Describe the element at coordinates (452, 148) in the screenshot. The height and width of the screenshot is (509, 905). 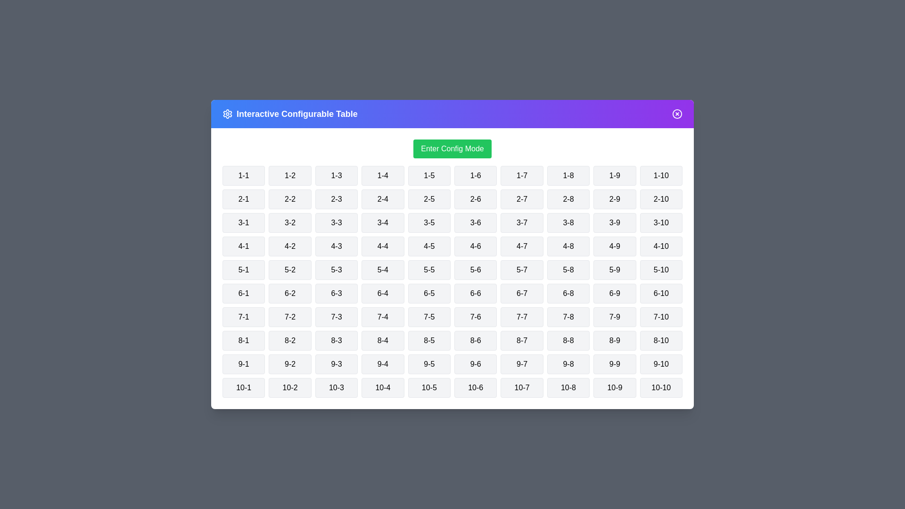
I see `the 'Enter Config Mode' button to toggle the configuration mode` at that location.